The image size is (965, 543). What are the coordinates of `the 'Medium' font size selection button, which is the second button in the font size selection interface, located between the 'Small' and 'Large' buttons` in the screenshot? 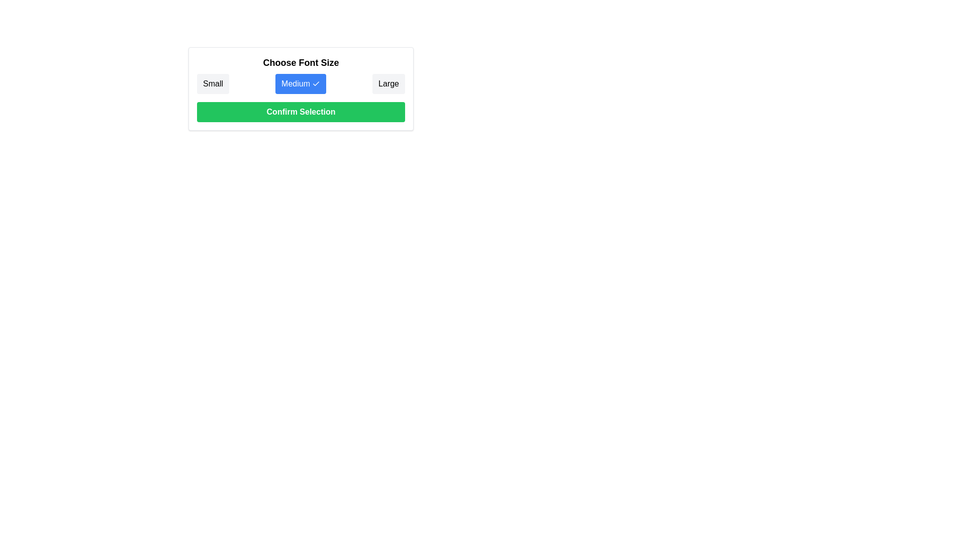 It's located at (300, 83).